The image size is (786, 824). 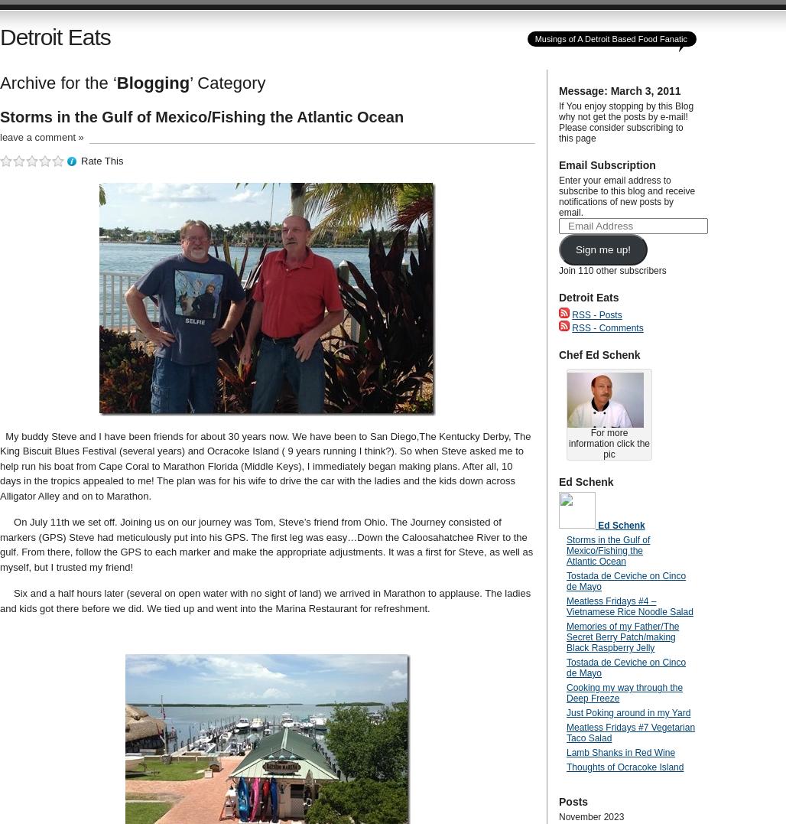 What do you see at coordinates (152, 82) in the screenshot?
I see `'Blogging'` at bounding box center [152, 82].